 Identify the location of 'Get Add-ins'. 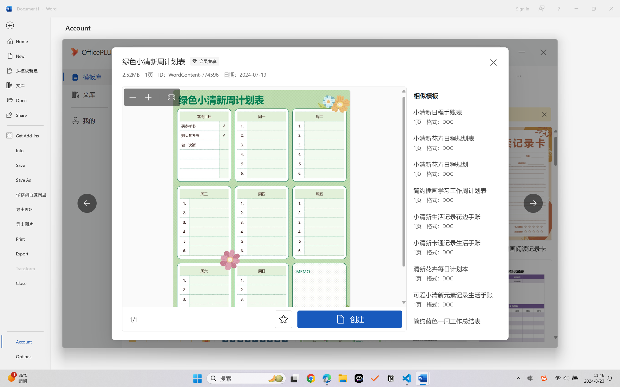
(25, 135).